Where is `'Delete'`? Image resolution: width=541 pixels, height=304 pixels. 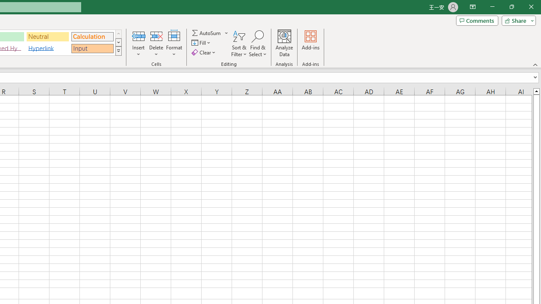 'Delete' is located at coordinates (156, 43).